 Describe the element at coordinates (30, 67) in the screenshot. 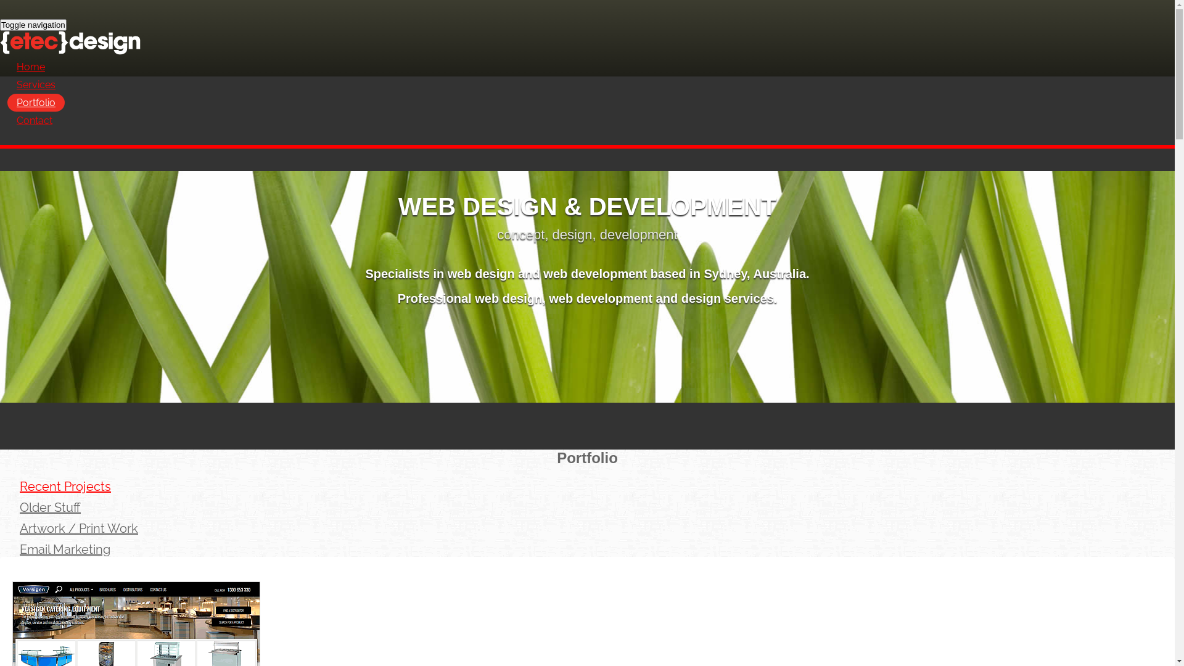

I see `'Home'` at that location.